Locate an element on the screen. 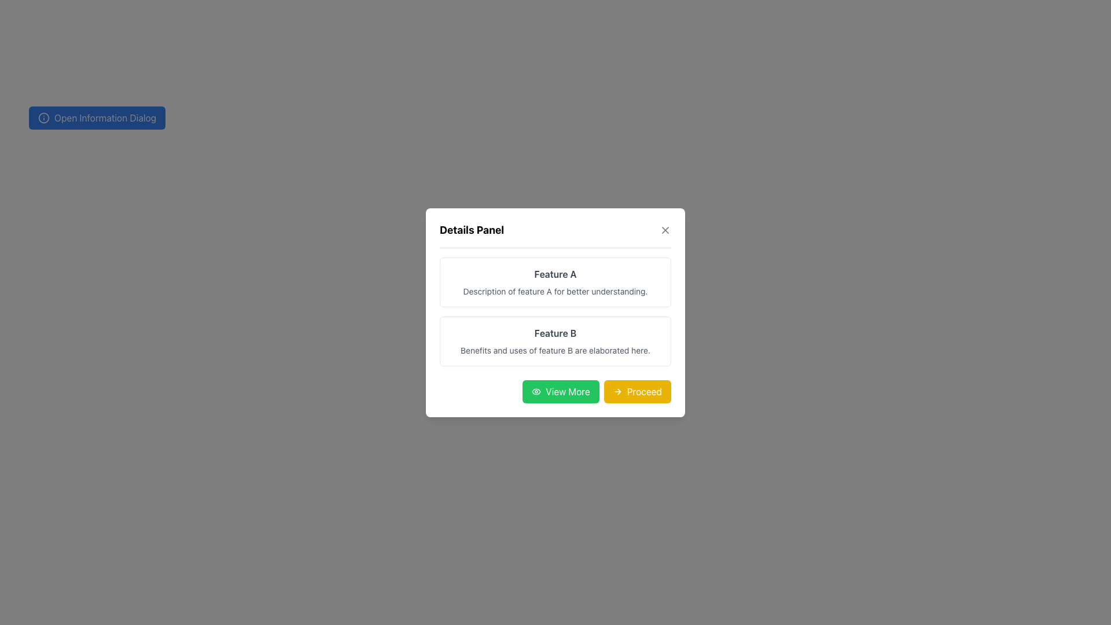  the button located near the bottom-right of the modal window, immediately is located at coordinates (555, 391).